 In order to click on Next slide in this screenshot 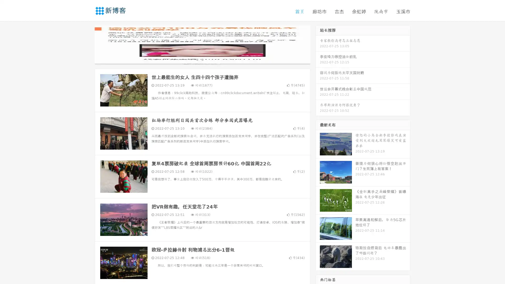, I will do `click(318, 44)`.